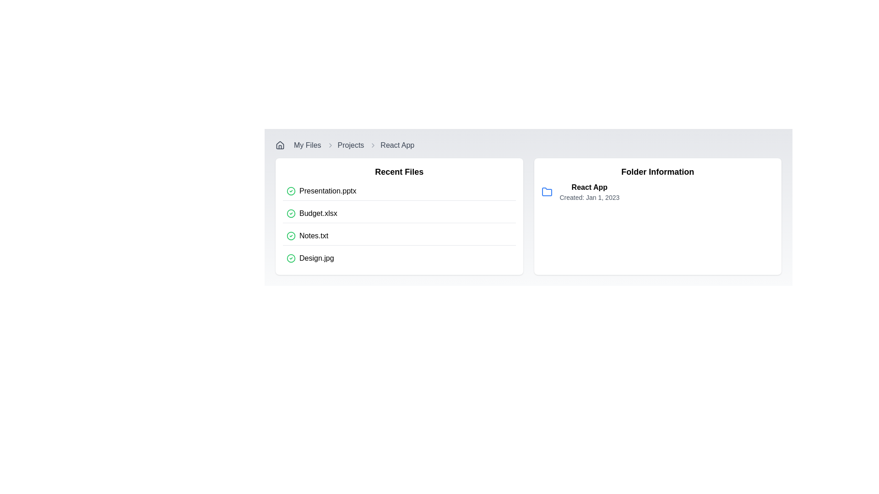 The height and width of the screenshot is (494, 879). What do you see at coordinates (279, 145) in the screenshot?
I see `the home navigation button icon located at the top-left of the layout, which is the first item in the breadcrumb navigation bar` at bounding box center [279, 145].